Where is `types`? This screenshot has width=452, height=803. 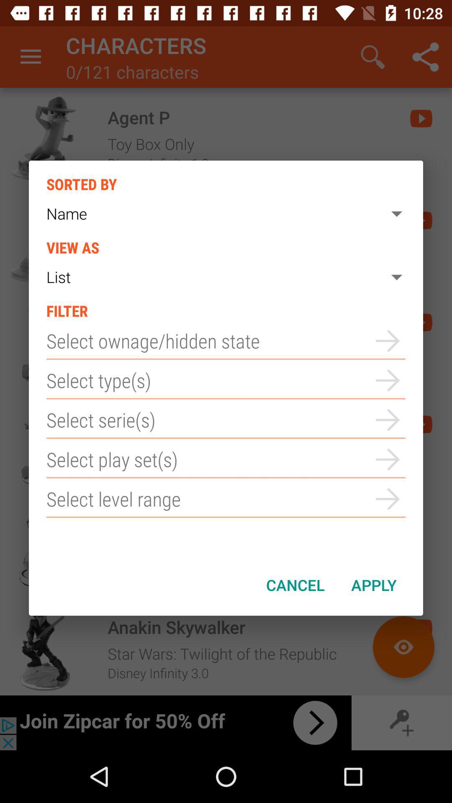 types is located at coordinates (226, 380).